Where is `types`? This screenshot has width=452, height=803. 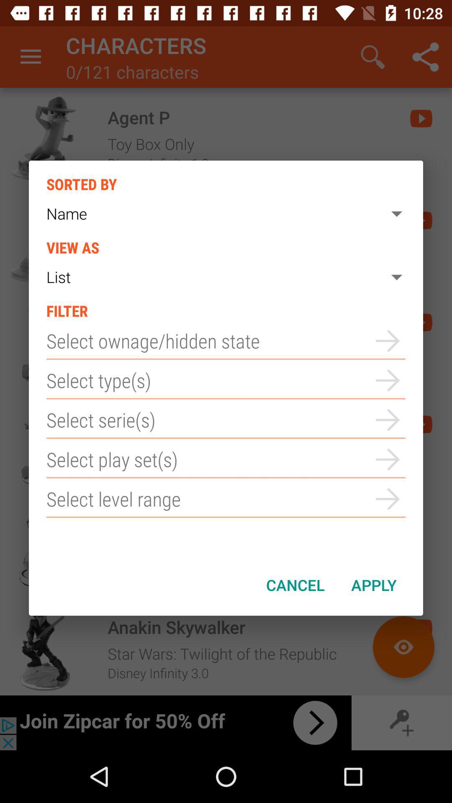 types is located at coordinates (226, 380).